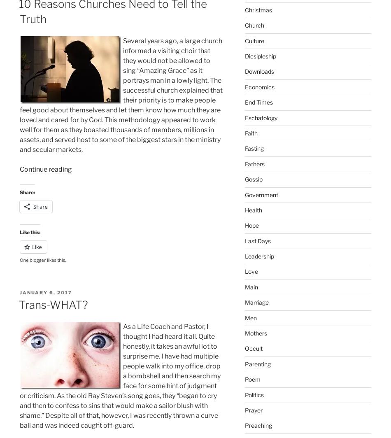 The height and width of the screenshot is (438, 391). What do you see at coordinates (251, 225) in the screenshot?
I see `'Hope'` at bounding box center [251, 225].